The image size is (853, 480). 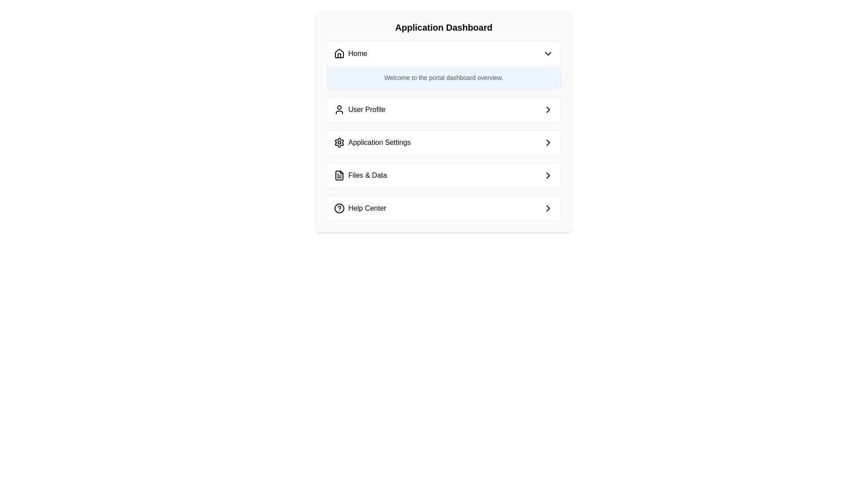 What do you see at coordinates (547, 208) in the screenshot?
I see `the small, right-facing chevron icon located in the far-right portion of the 'Help Center' item under the 'Application Dashboard' section` at bounding box center [547, 208].